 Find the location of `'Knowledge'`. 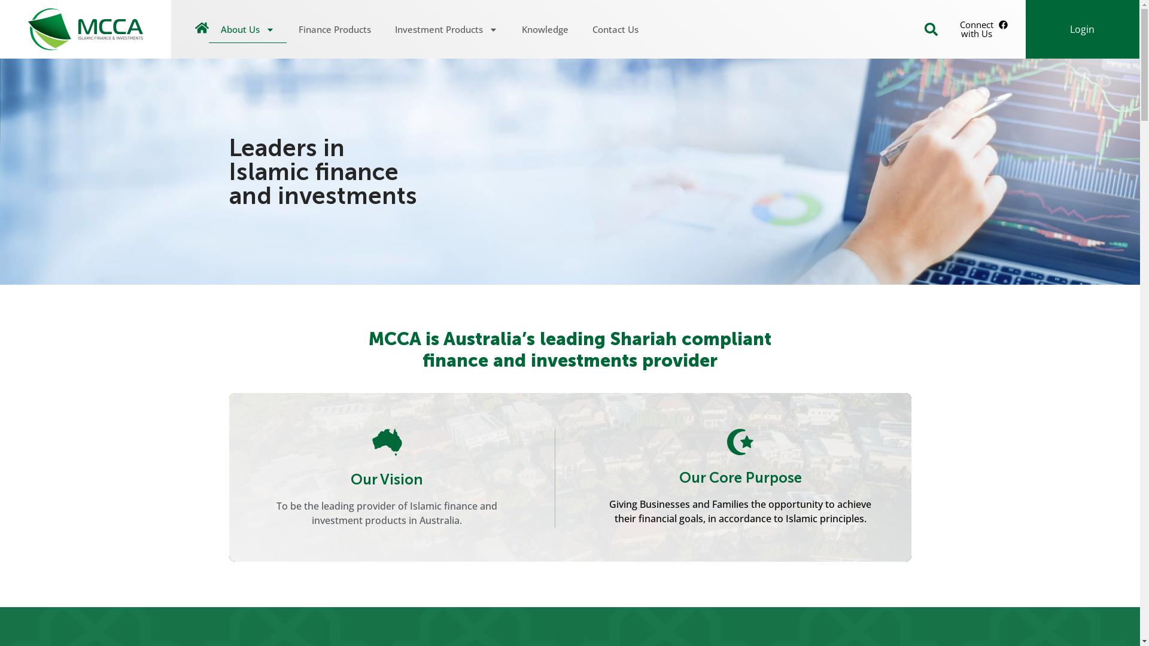

'Knowledge' is located at coordinates (545, 29).